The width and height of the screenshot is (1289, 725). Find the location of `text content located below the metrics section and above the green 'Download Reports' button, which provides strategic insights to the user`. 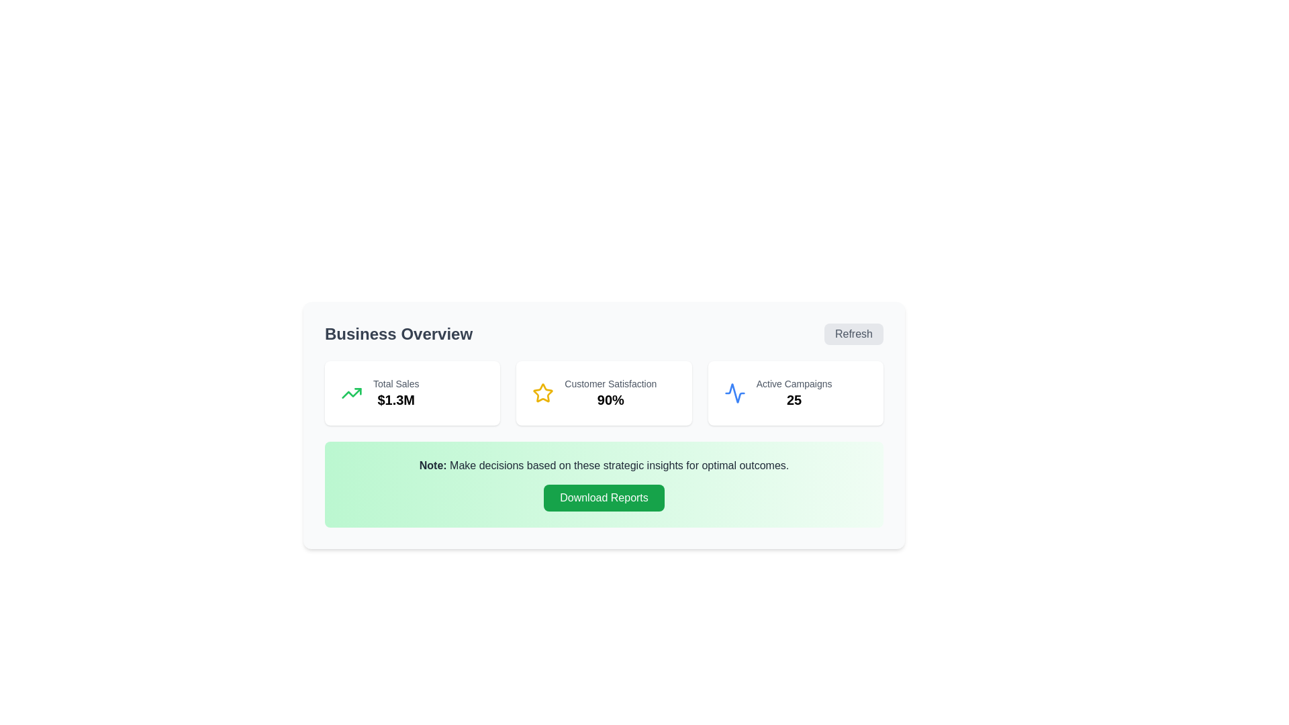

text content located below the metrics section and above the green 'Download Reports' button, which provides strategic insights to the user is located at coordinates (604, 465).